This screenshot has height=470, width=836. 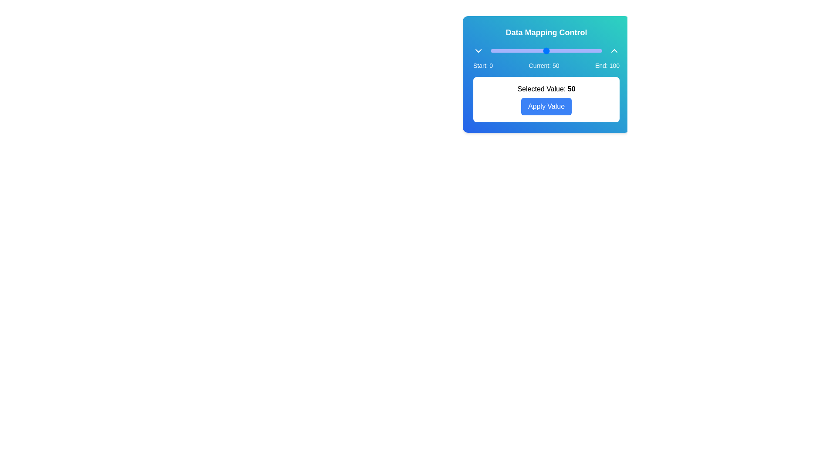 What do you see at coordinates (502, 49) in the screenshot?
I see `slider value` at bounding box center [502, 49].